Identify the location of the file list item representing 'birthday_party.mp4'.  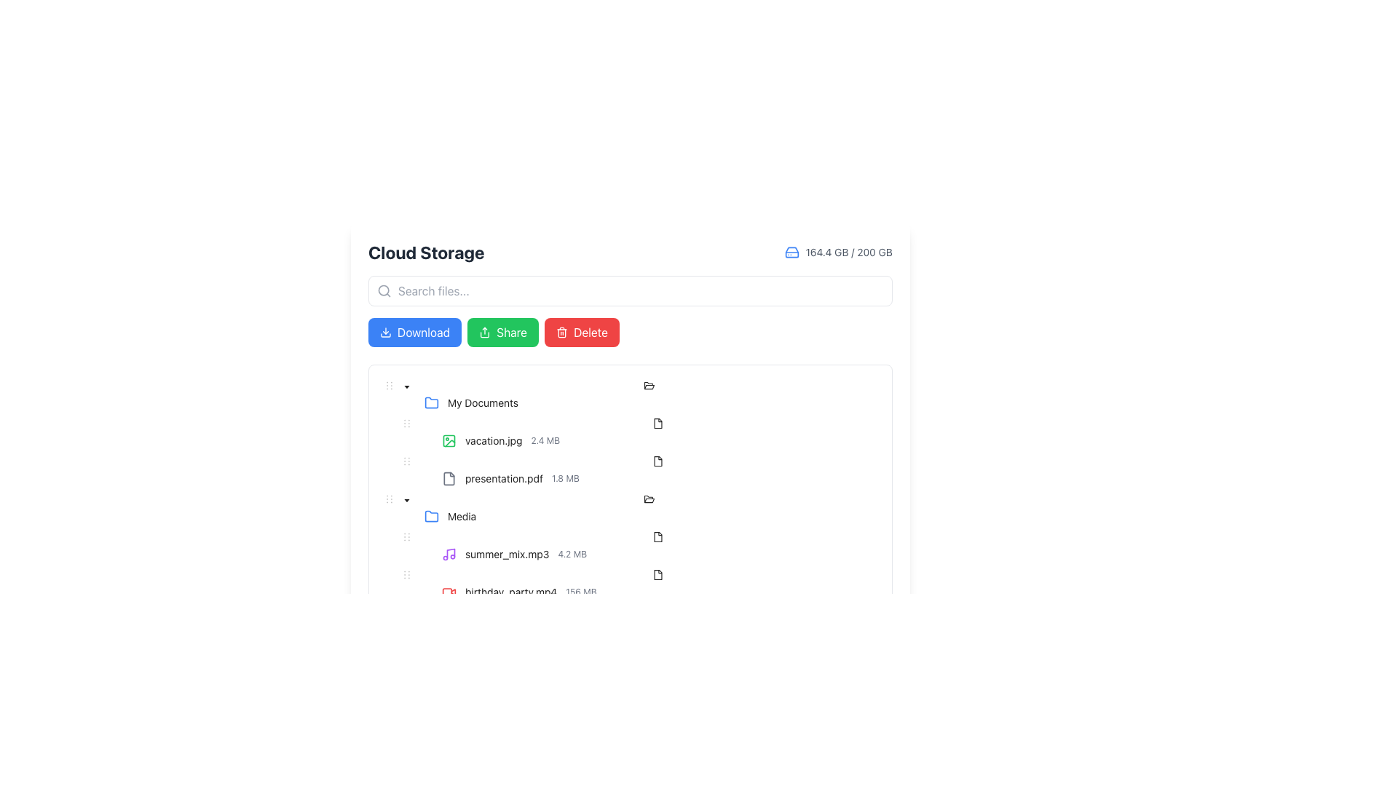
(657, 583).